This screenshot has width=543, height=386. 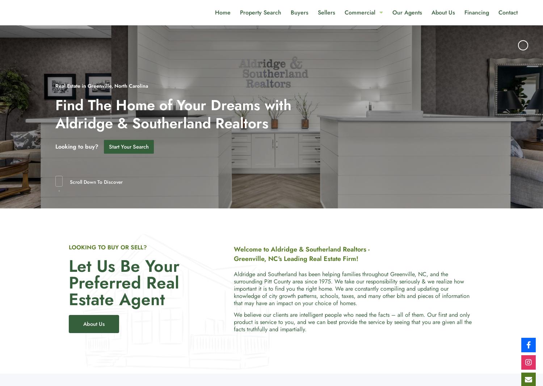 I want to click on 'Aldridge & Southerland Realtors', so click(x=161, y=122).